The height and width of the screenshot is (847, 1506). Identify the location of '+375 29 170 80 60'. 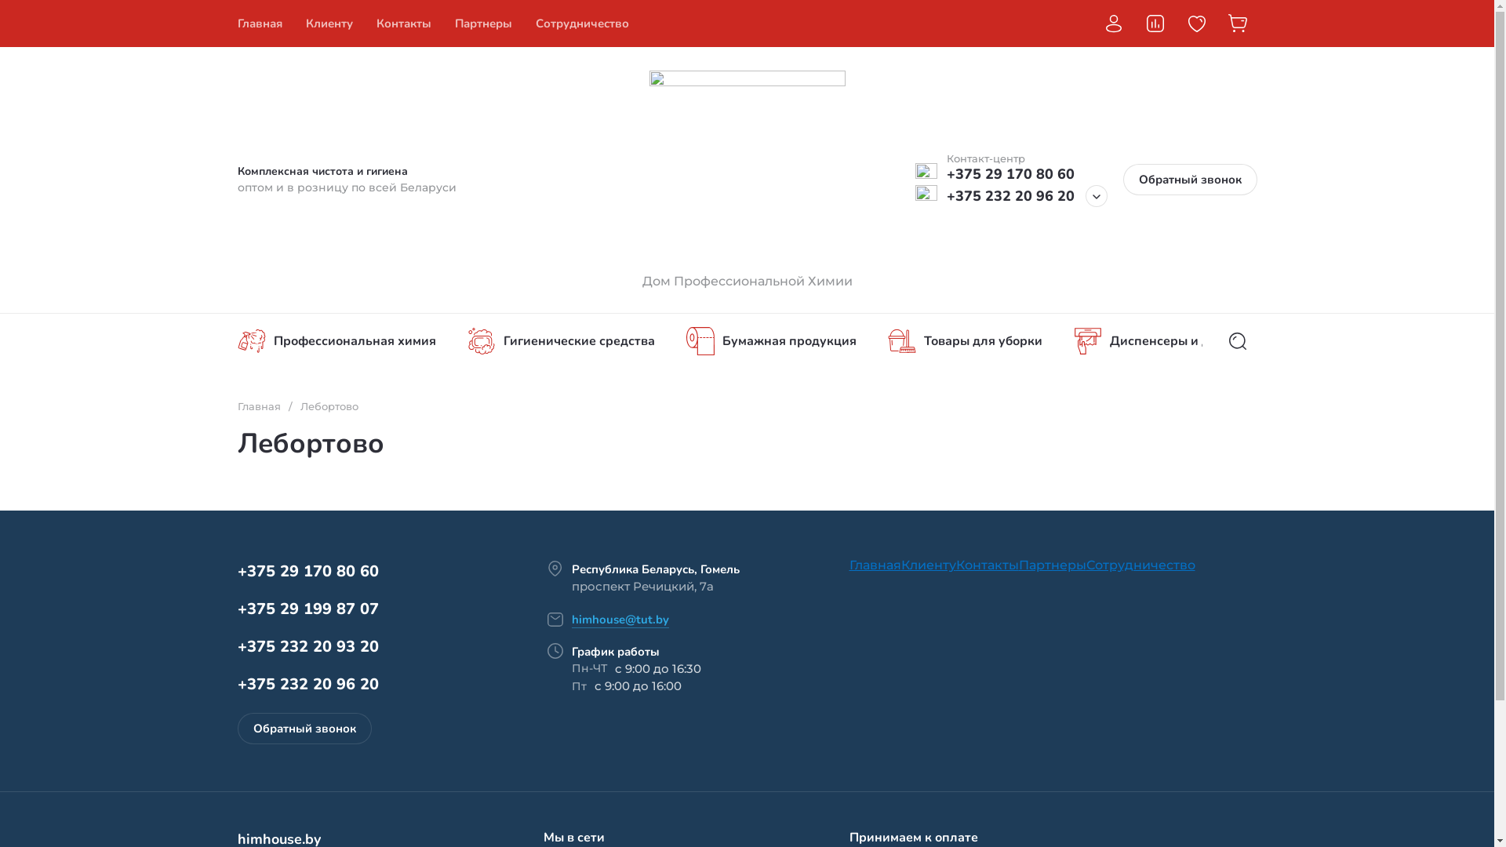
(944, 174).